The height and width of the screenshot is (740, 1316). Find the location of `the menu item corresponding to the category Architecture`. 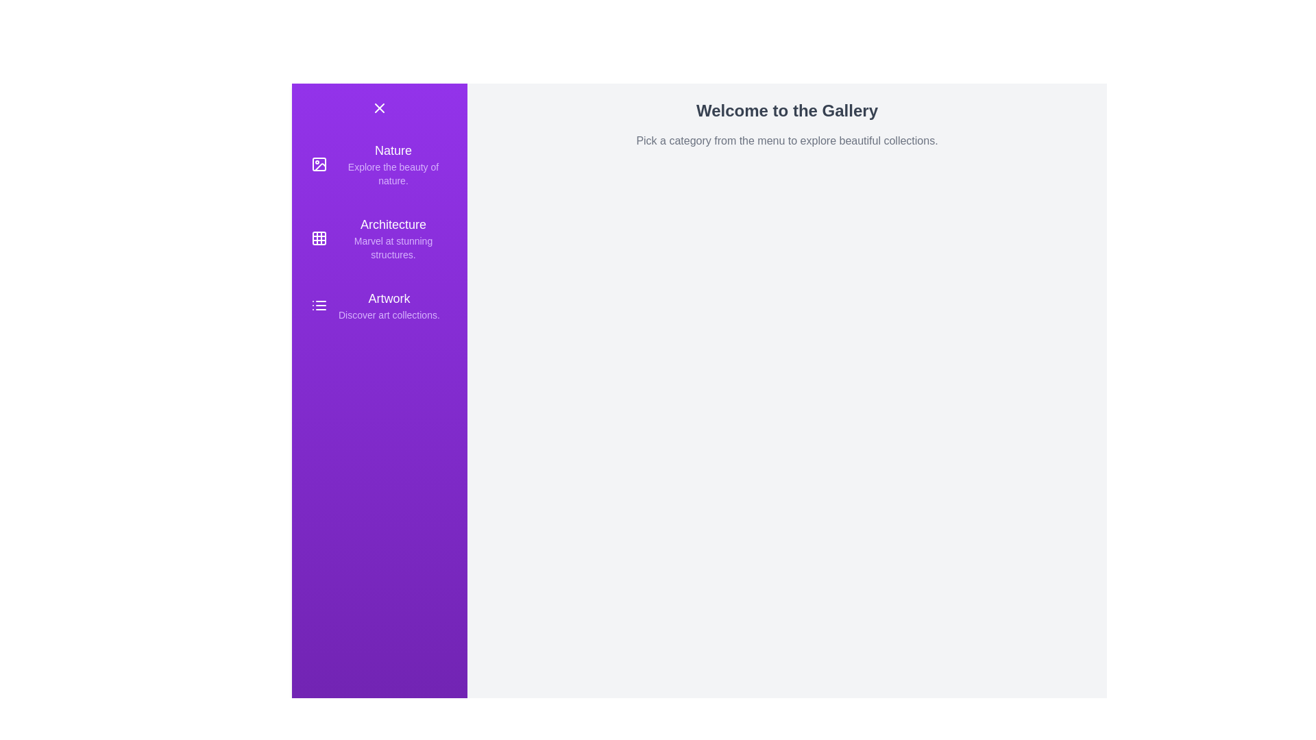

the menu item corresponding to the category Architecture is located at coordinates (379, 237).